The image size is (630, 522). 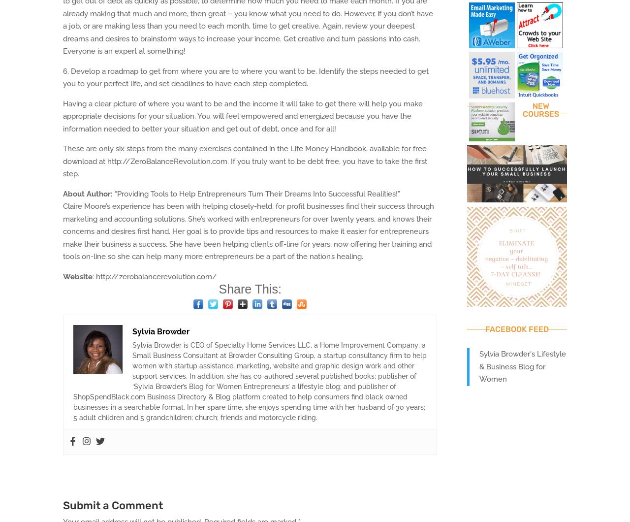 What do you see at coordinates (161, 331) in the screenshot?
I see `'Sylvia Browder'` at bounding box center [161, 331].